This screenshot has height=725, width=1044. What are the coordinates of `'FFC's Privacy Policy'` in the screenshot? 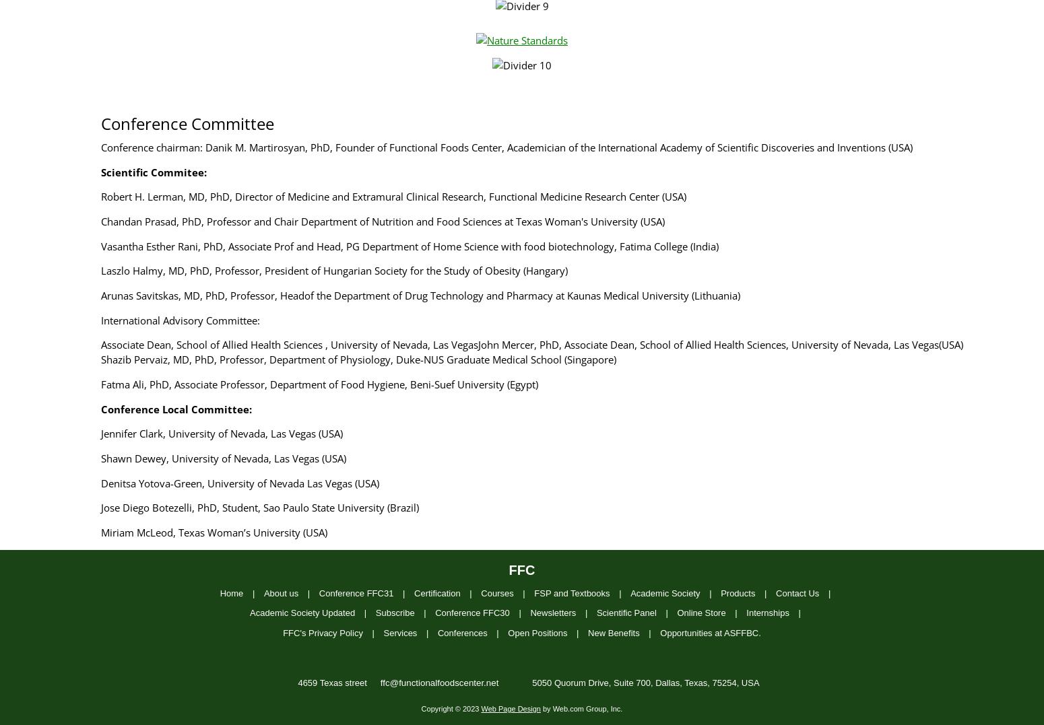 It's located at (283, 631).